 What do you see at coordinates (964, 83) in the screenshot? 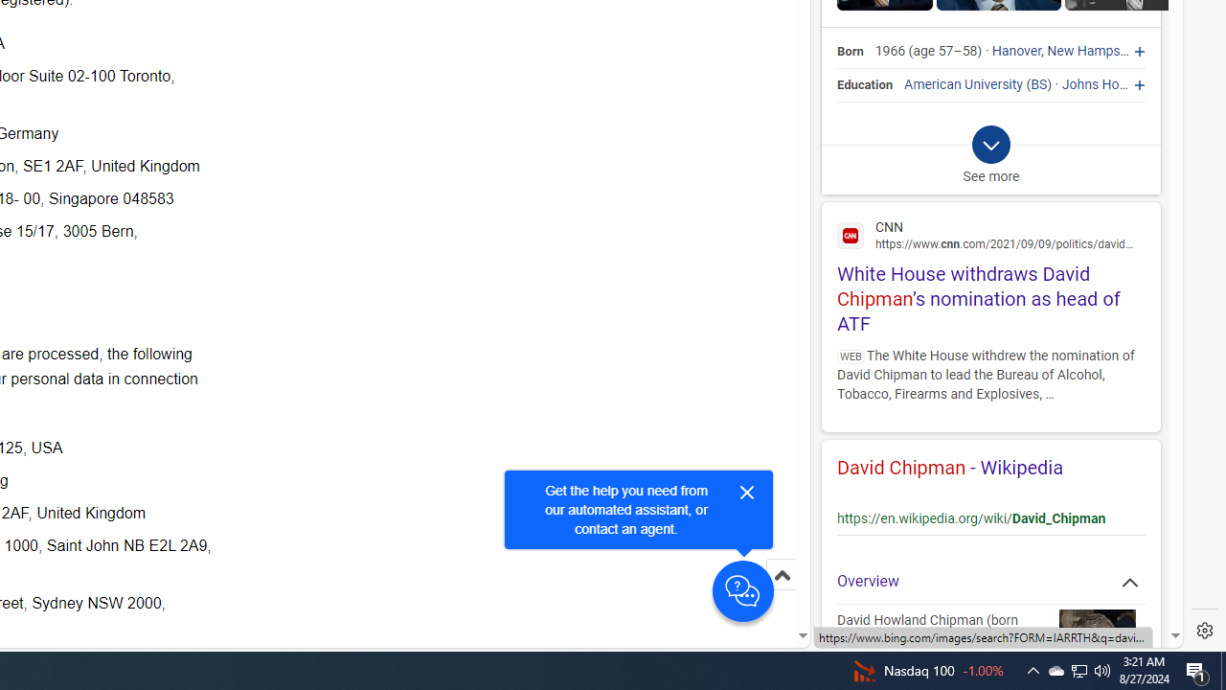
I see `'American University'` at bounding box center [964, 83].